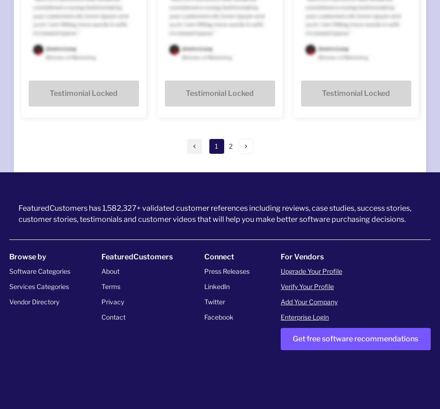 This screenshot has height=409, width=440. I want to click on 'Contact', so click(113, 316).